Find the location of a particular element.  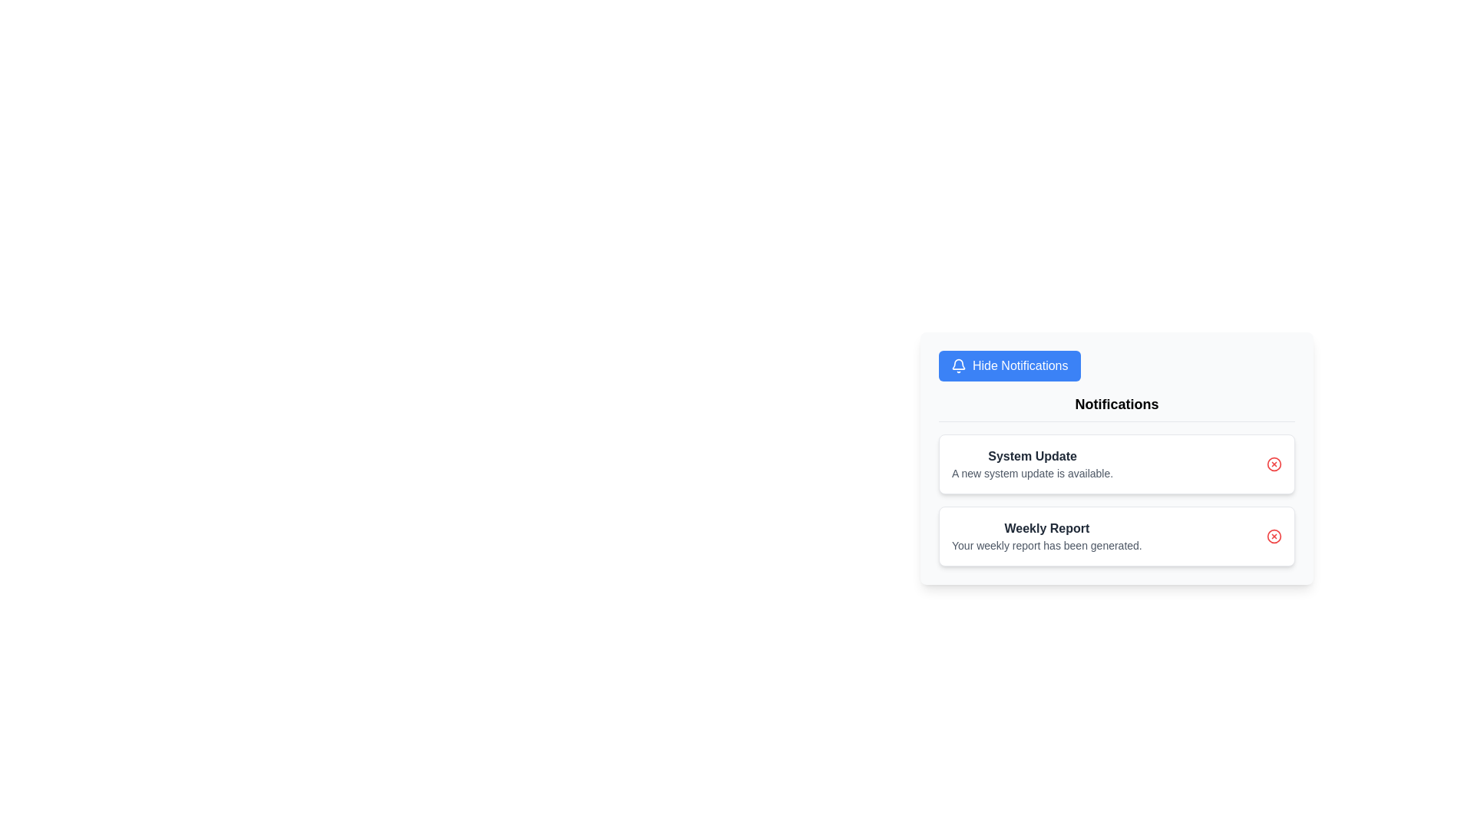

the text label displaying 'A new system update is available.' which is styled in gray font and located below the 'System Update' header in the notification card is located at coordinates (1033, 473).